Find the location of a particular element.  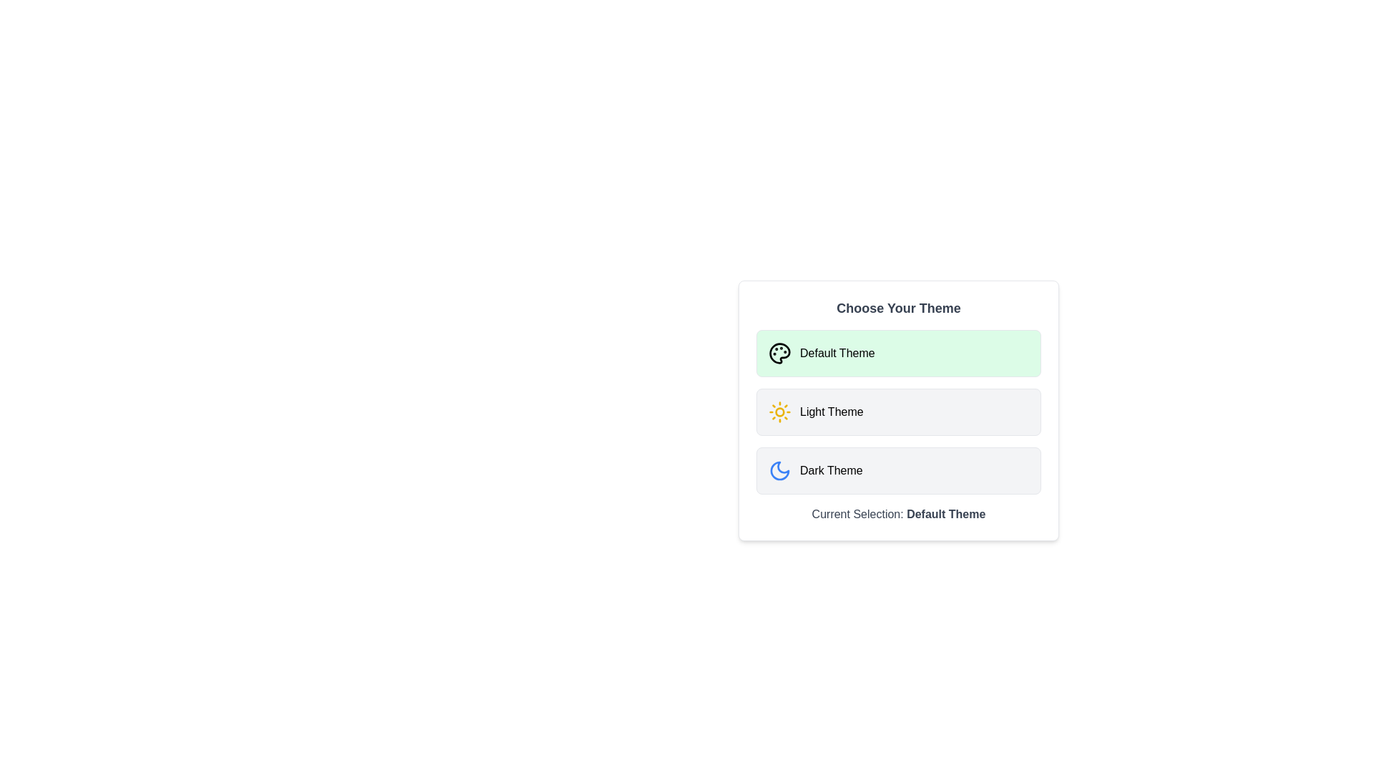

the theme by clicking on the button corresponding to Light is located at coordinates (898, 412).